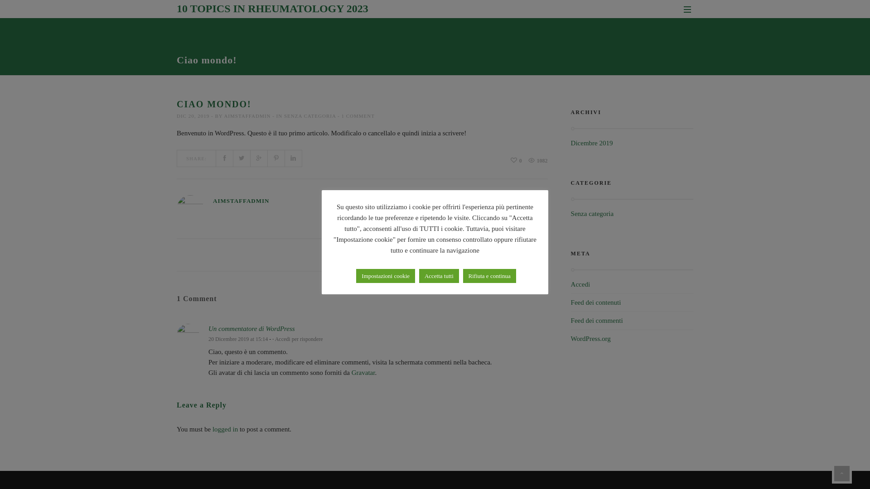  Describe the element at coordinates (294, 158) in the screenshot. I see `'Share on LinkedIn'` at that location.